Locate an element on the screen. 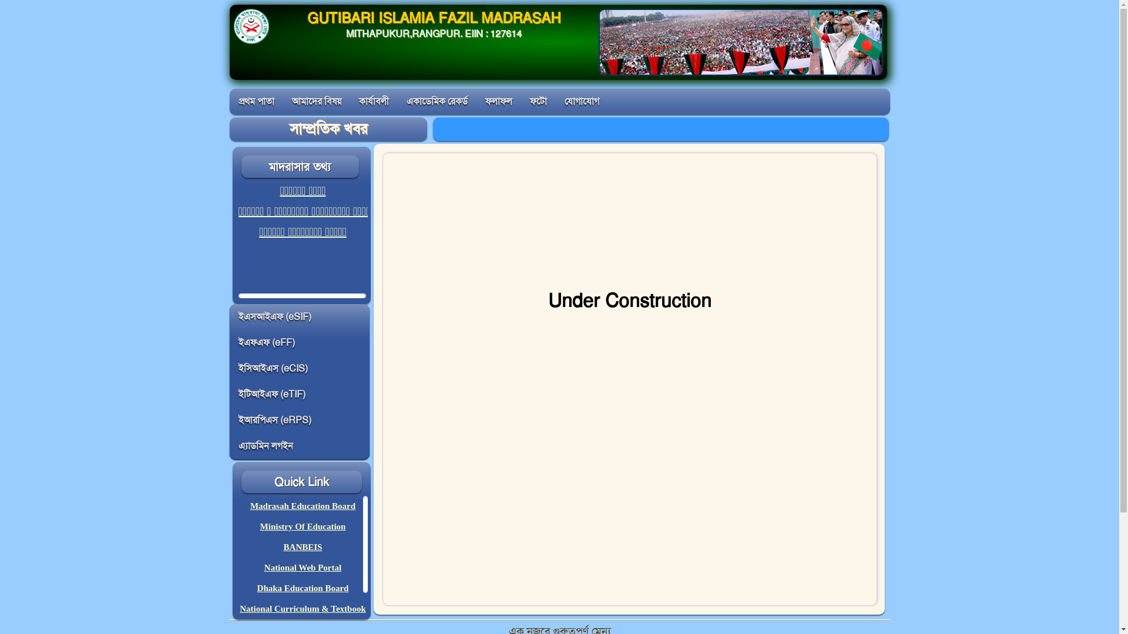 The image size is (1128, 634). 'National Curriculum & Textbook' is located at coordinates (303, 608).